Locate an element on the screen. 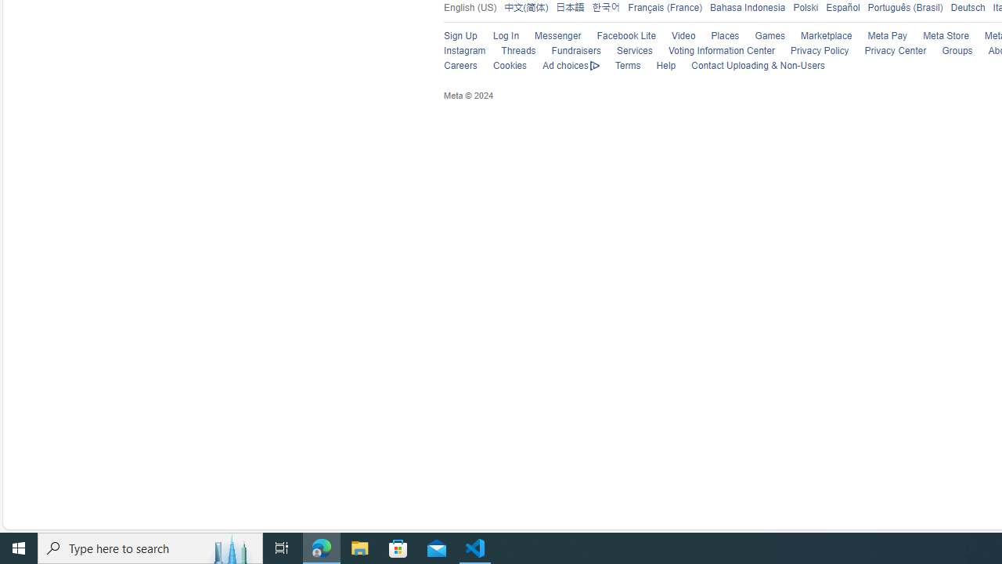 The image size is (1002, 564). 'Deutsch' is located at coordinates (967, 7).